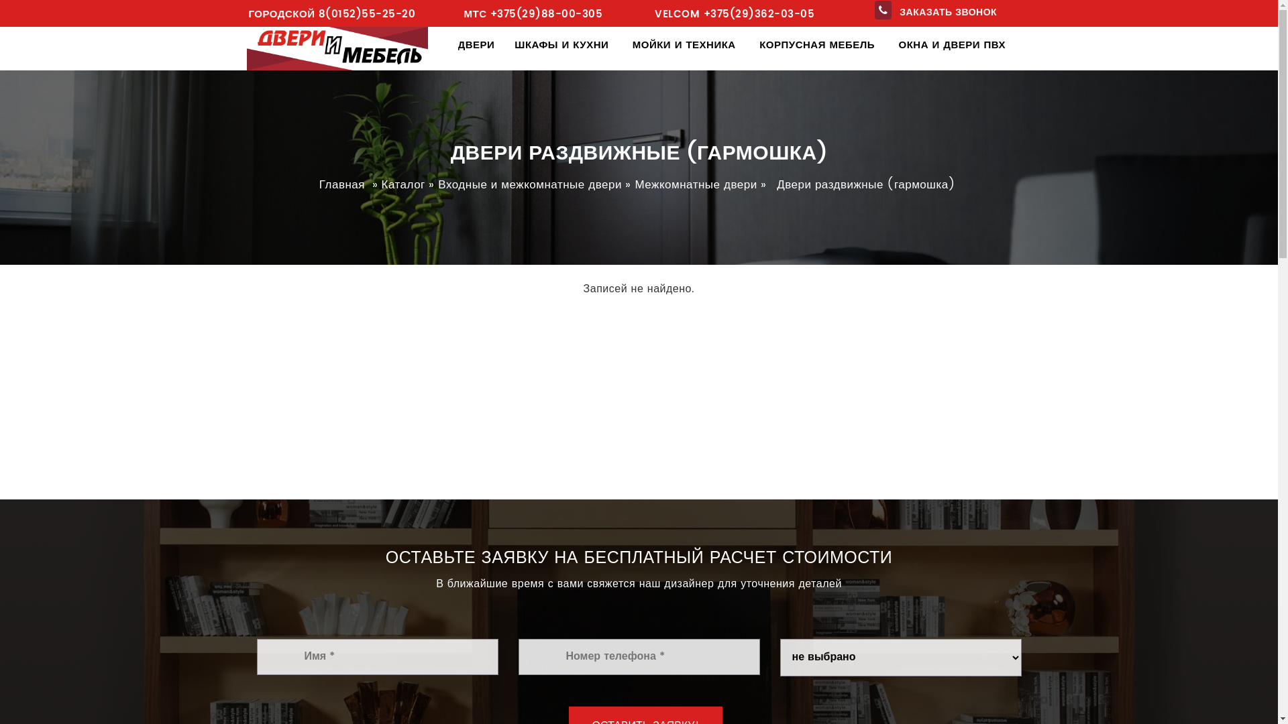 This screenshot has width=1288, height=724. Describe the element at coordinates (733, 14) in the screenshot. I see `'VELCOM +375(29)362-03-05'` at that location.